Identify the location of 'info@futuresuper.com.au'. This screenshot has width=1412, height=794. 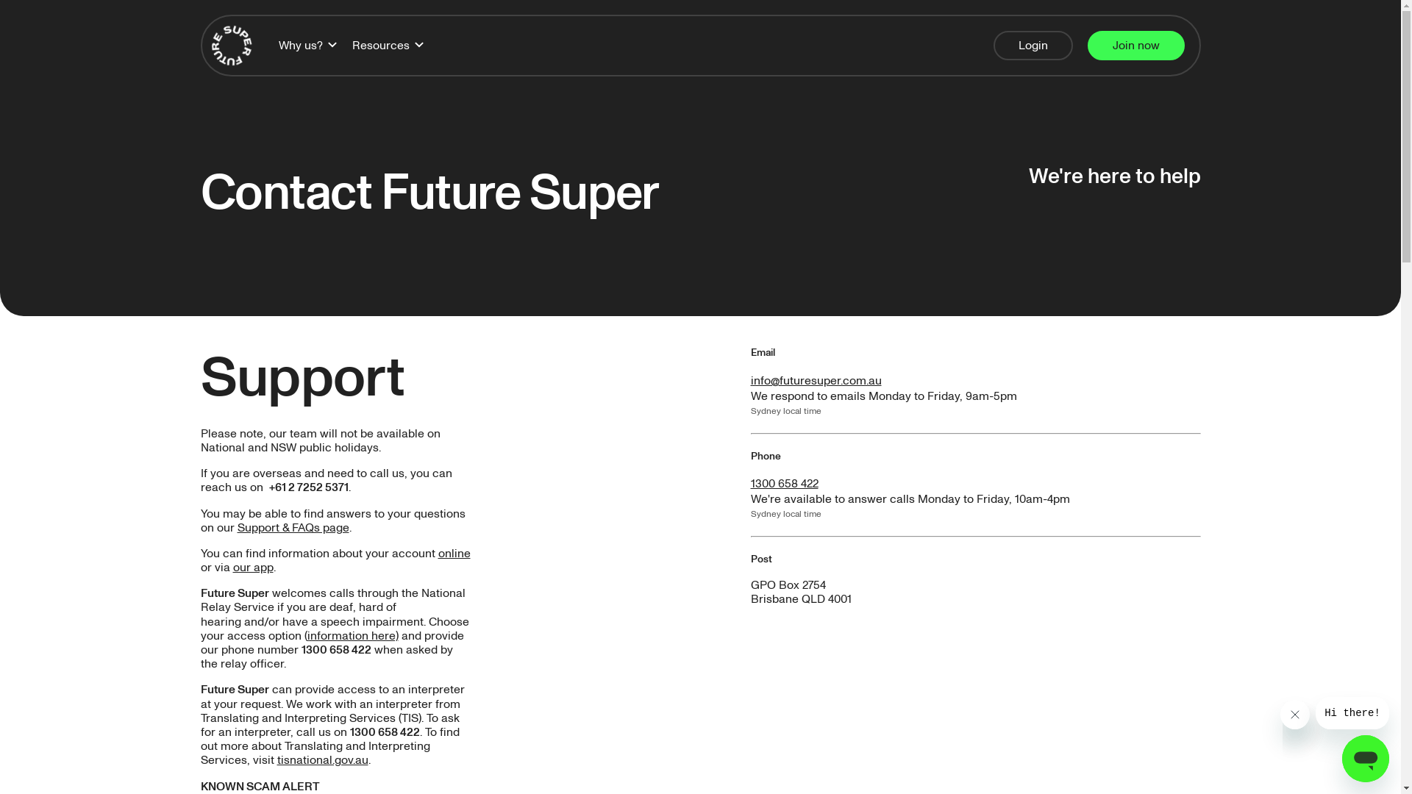
(814, 379).